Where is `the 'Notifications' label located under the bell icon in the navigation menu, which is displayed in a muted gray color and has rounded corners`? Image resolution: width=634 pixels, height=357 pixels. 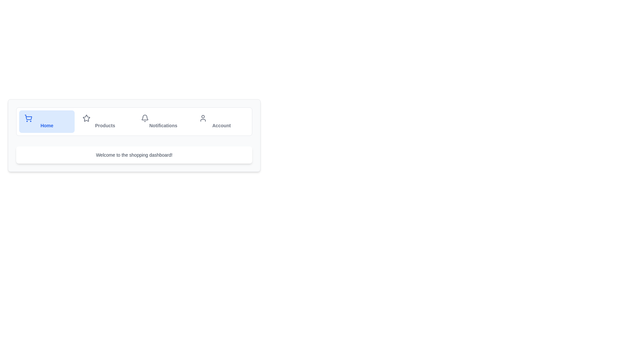 the 'Notifications' label located under the bell icon in the navigation menu, which is displayed in a muted gray color and has rounded corners is located at coordinates (163, 126).